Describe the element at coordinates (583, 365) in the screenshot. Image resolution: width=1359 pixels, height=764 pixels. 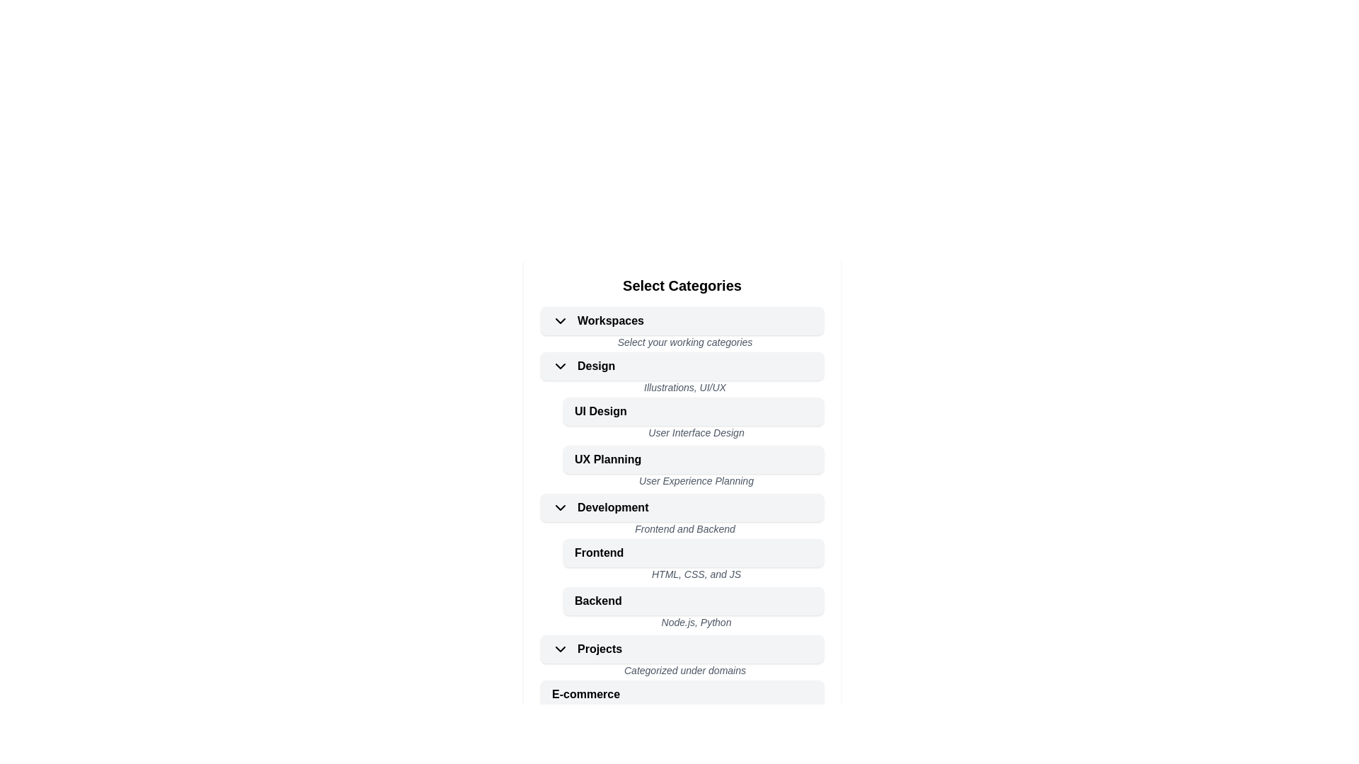
I see `the bolded text label displaying 'Design'` at that location.